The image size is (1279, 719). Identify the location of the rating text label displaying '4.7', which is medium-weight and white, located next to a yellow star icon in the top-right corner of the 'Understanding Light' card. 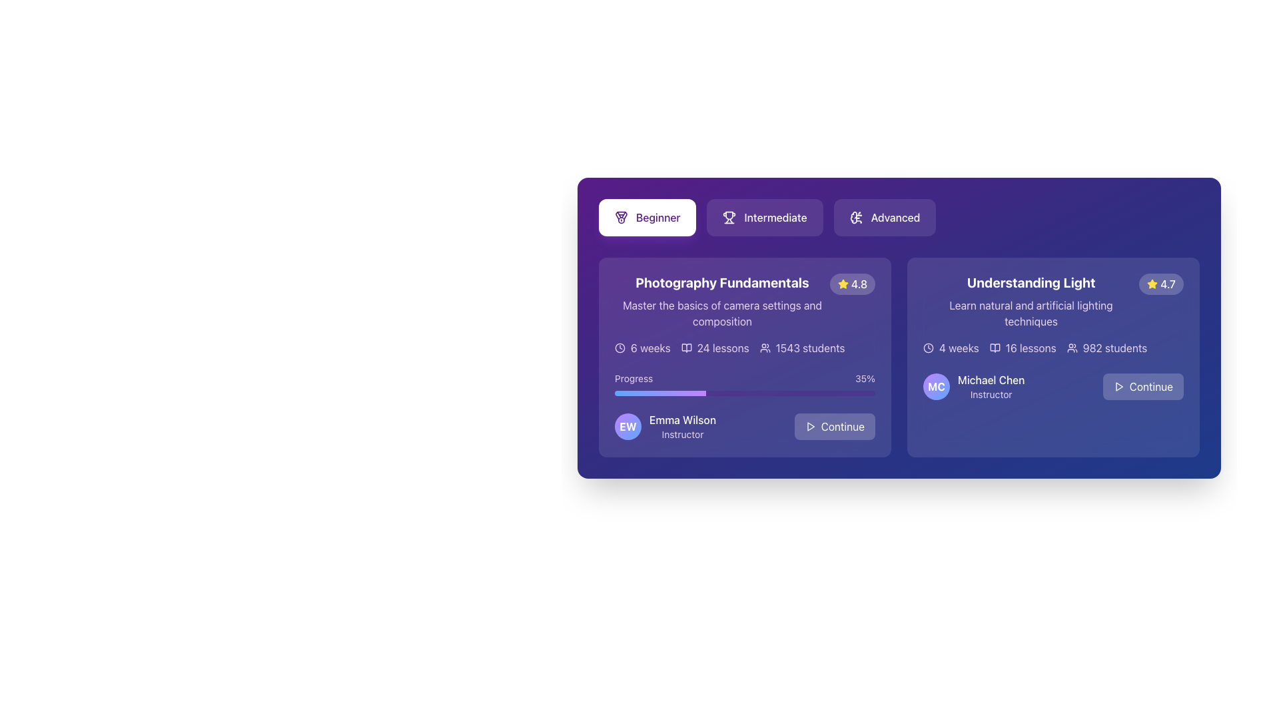
(1167, 284).